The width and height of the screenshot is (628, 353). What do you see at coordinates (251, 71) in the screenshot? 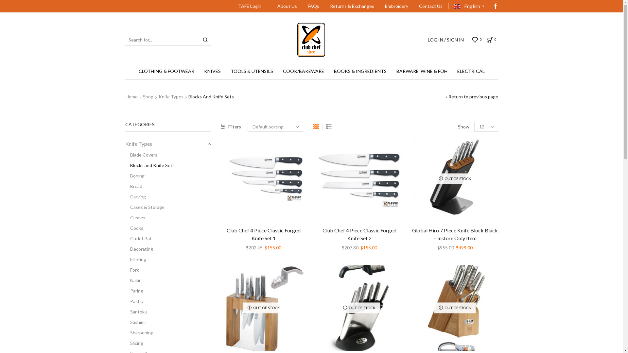
I see `'TOOLS & UTENSILS'` at bounding box center [251, 71].